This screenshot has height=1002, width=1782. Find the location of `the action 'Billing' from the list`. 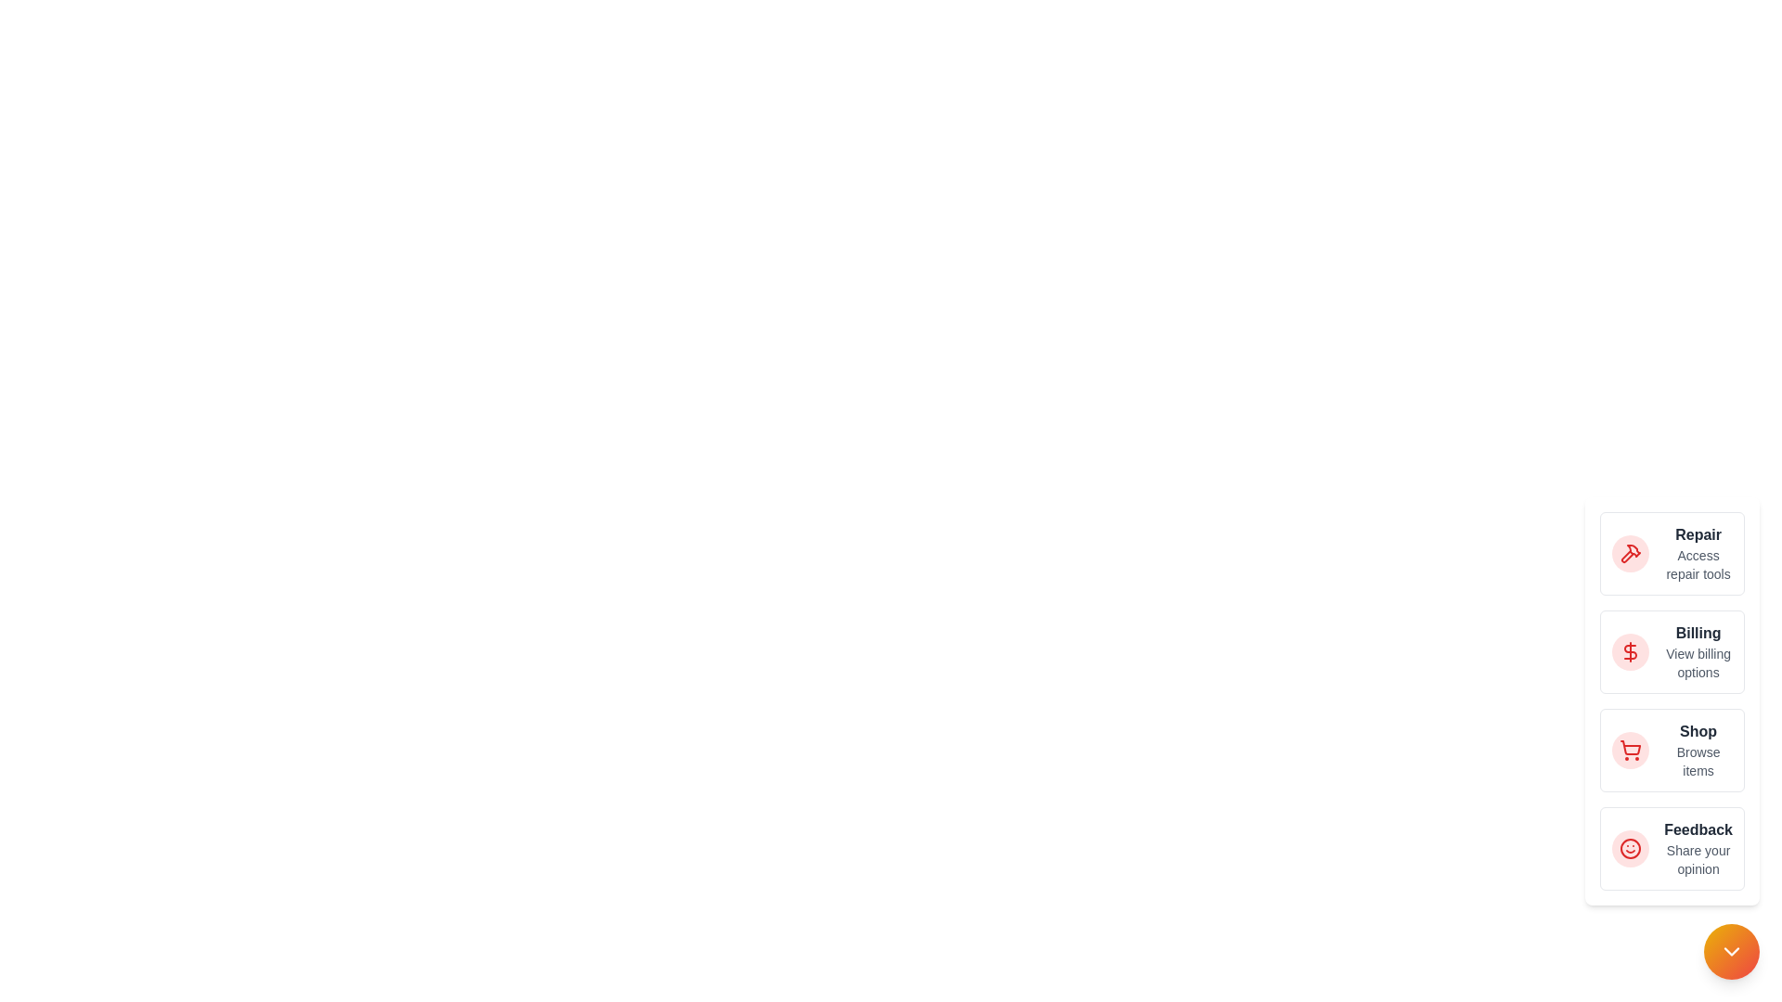

the action 'Billing' from the list is located at coordinates (1672, 650).